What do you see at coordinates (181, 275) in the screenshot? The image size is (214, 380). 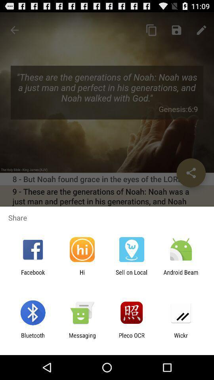 I see `the item to the right of the sell on local app` at bounding box center [181, 275].